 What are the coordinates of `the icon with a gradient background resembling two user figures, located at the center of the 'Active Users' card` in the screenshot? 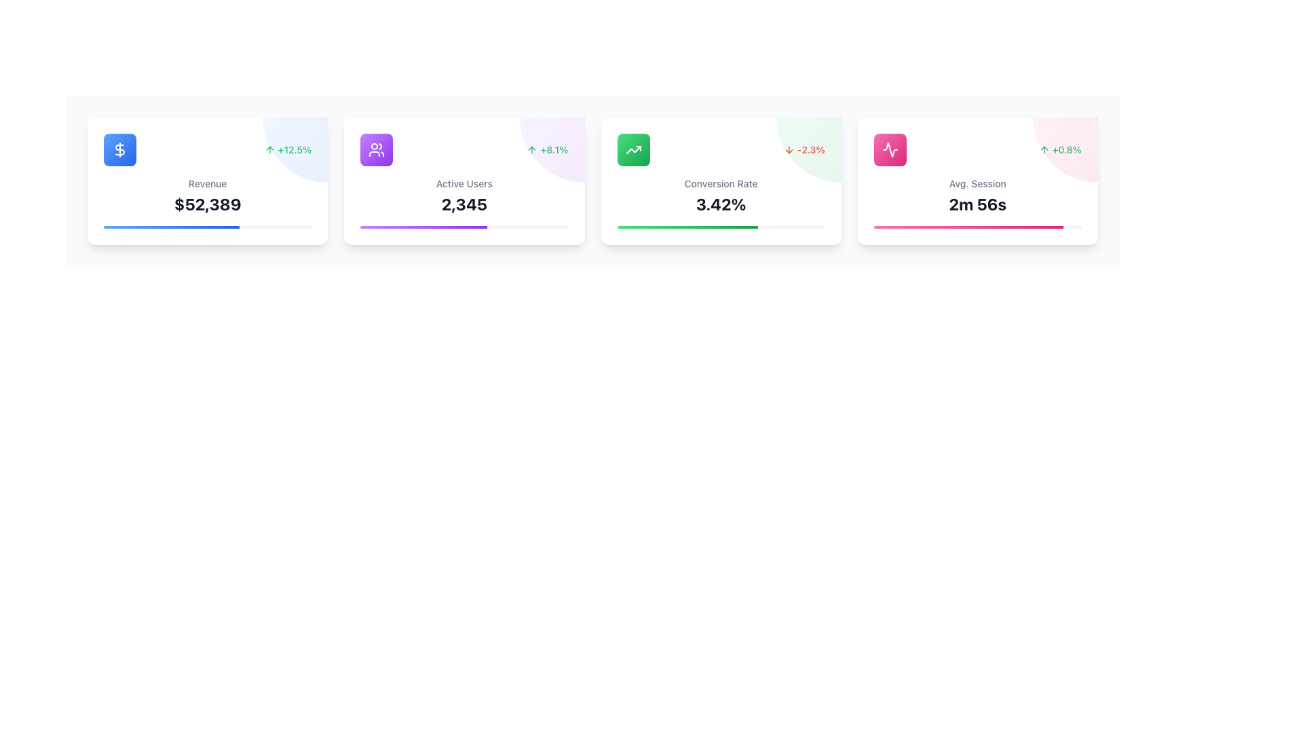 It's located at (377, 149).